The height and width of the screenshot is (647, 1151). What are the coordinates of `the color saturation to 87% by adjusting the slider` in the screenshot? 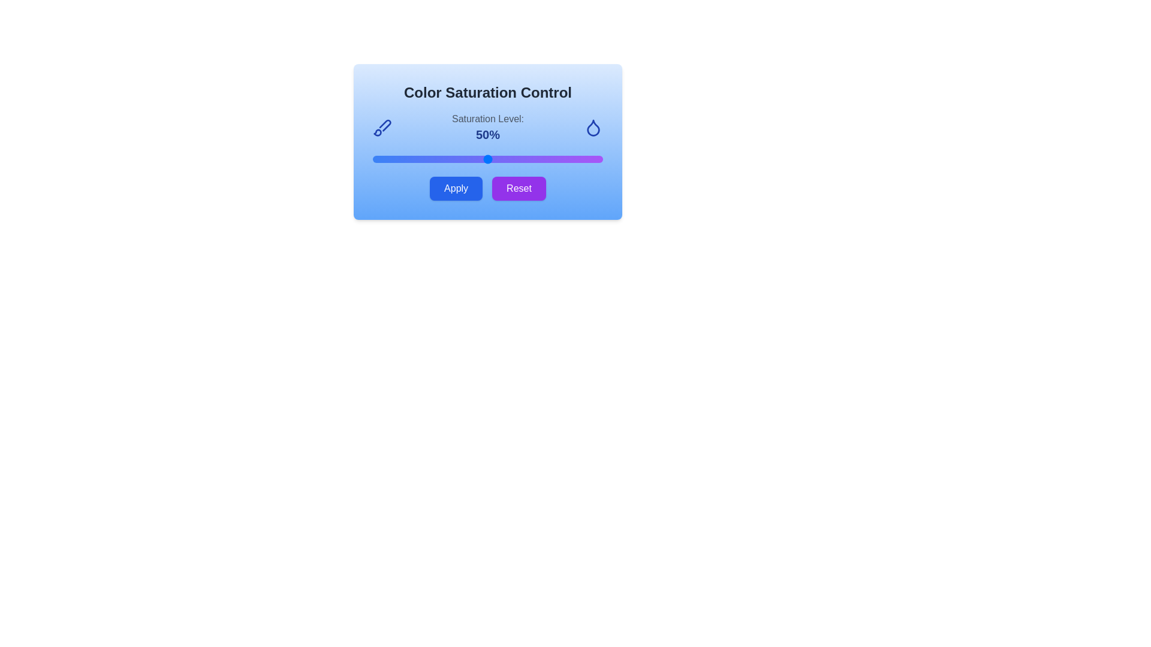 It's located at (573, 159).